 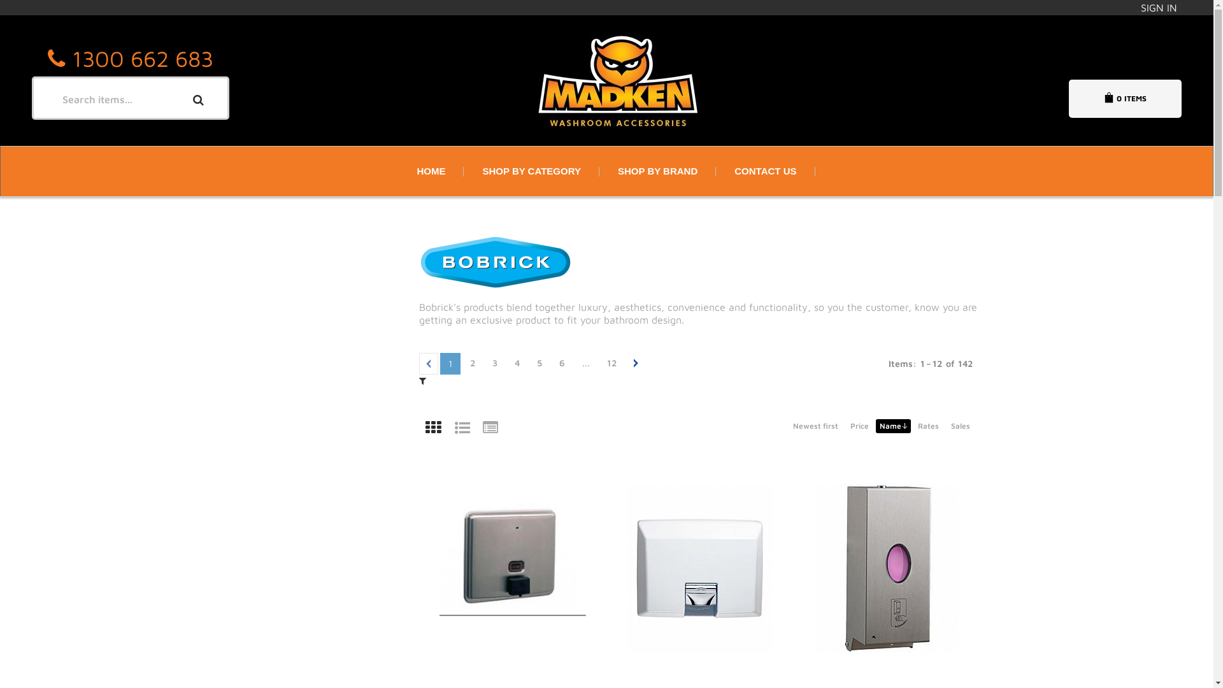 What do you see at coordinates (472, 363) in the screenshot?
I see `'2'` at bounding box center [472, 363].